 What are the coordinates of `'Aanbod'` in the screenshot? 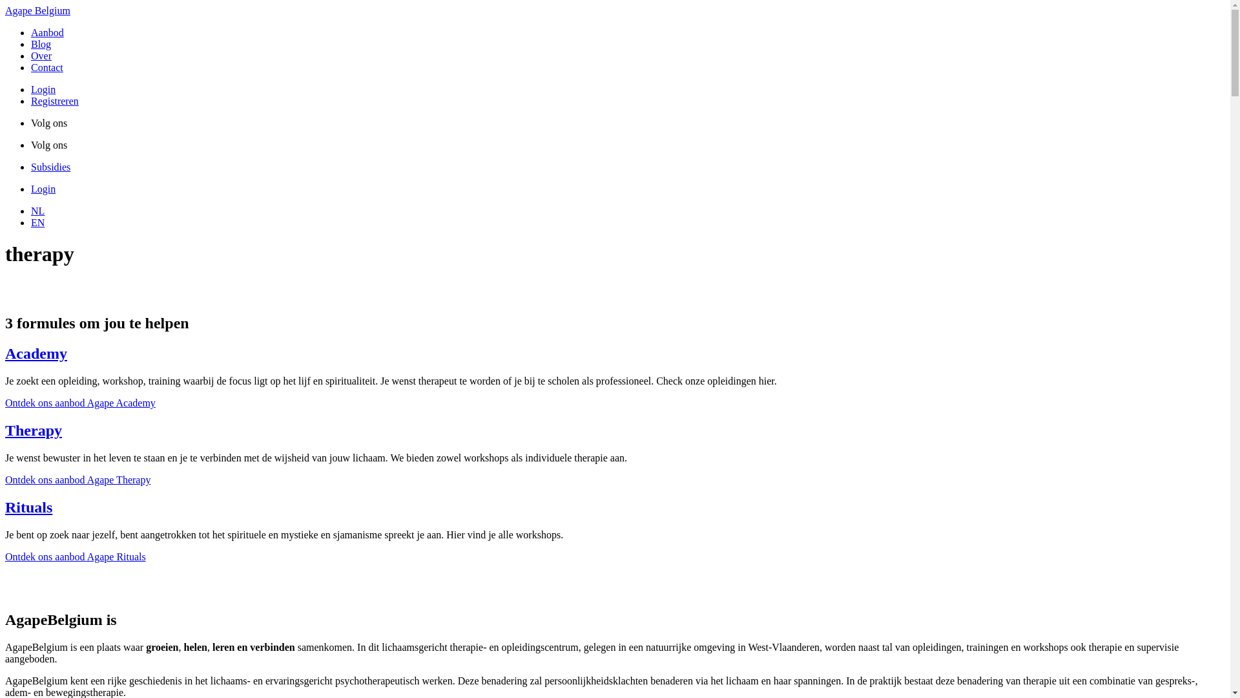 It's located at (47, 32).